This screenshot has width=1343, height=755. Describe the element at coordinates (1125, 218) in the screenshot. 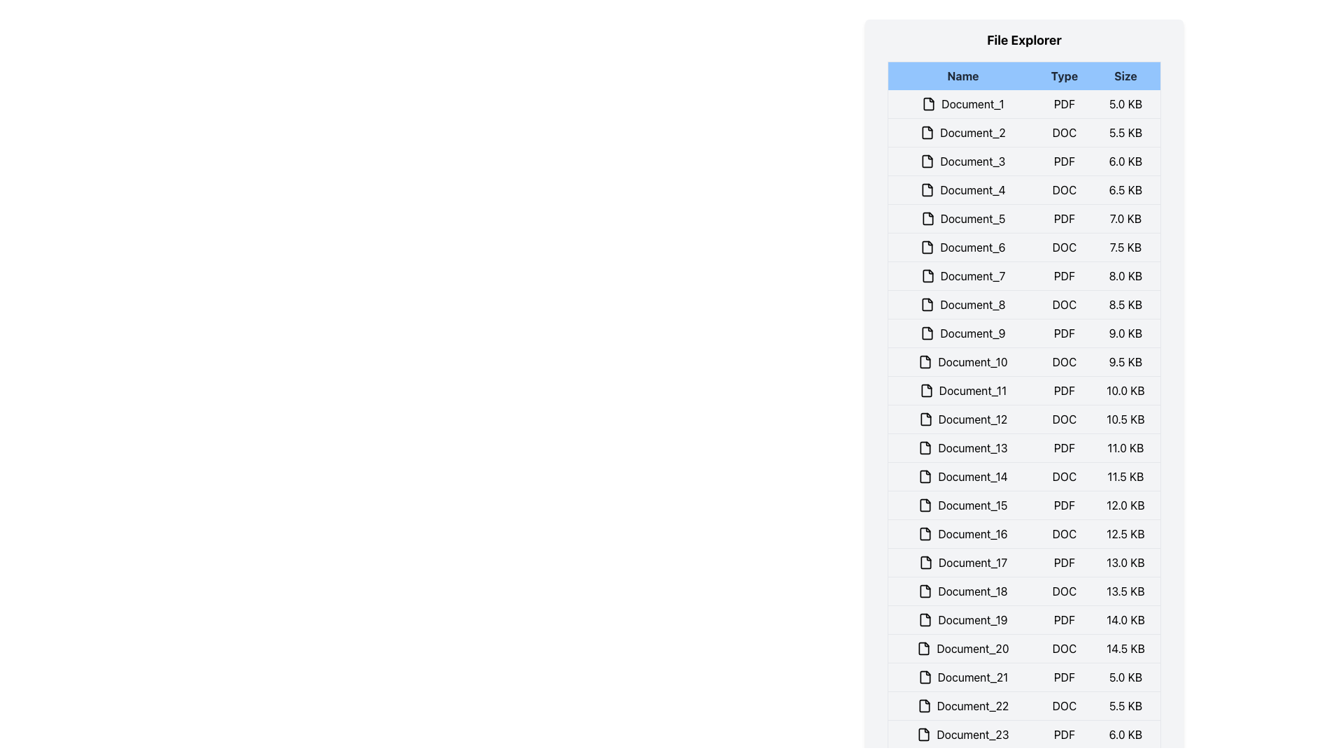

I see `the static text element displaying the file size in the fifth row of the file explorer table under the 'Size' column` at that location.